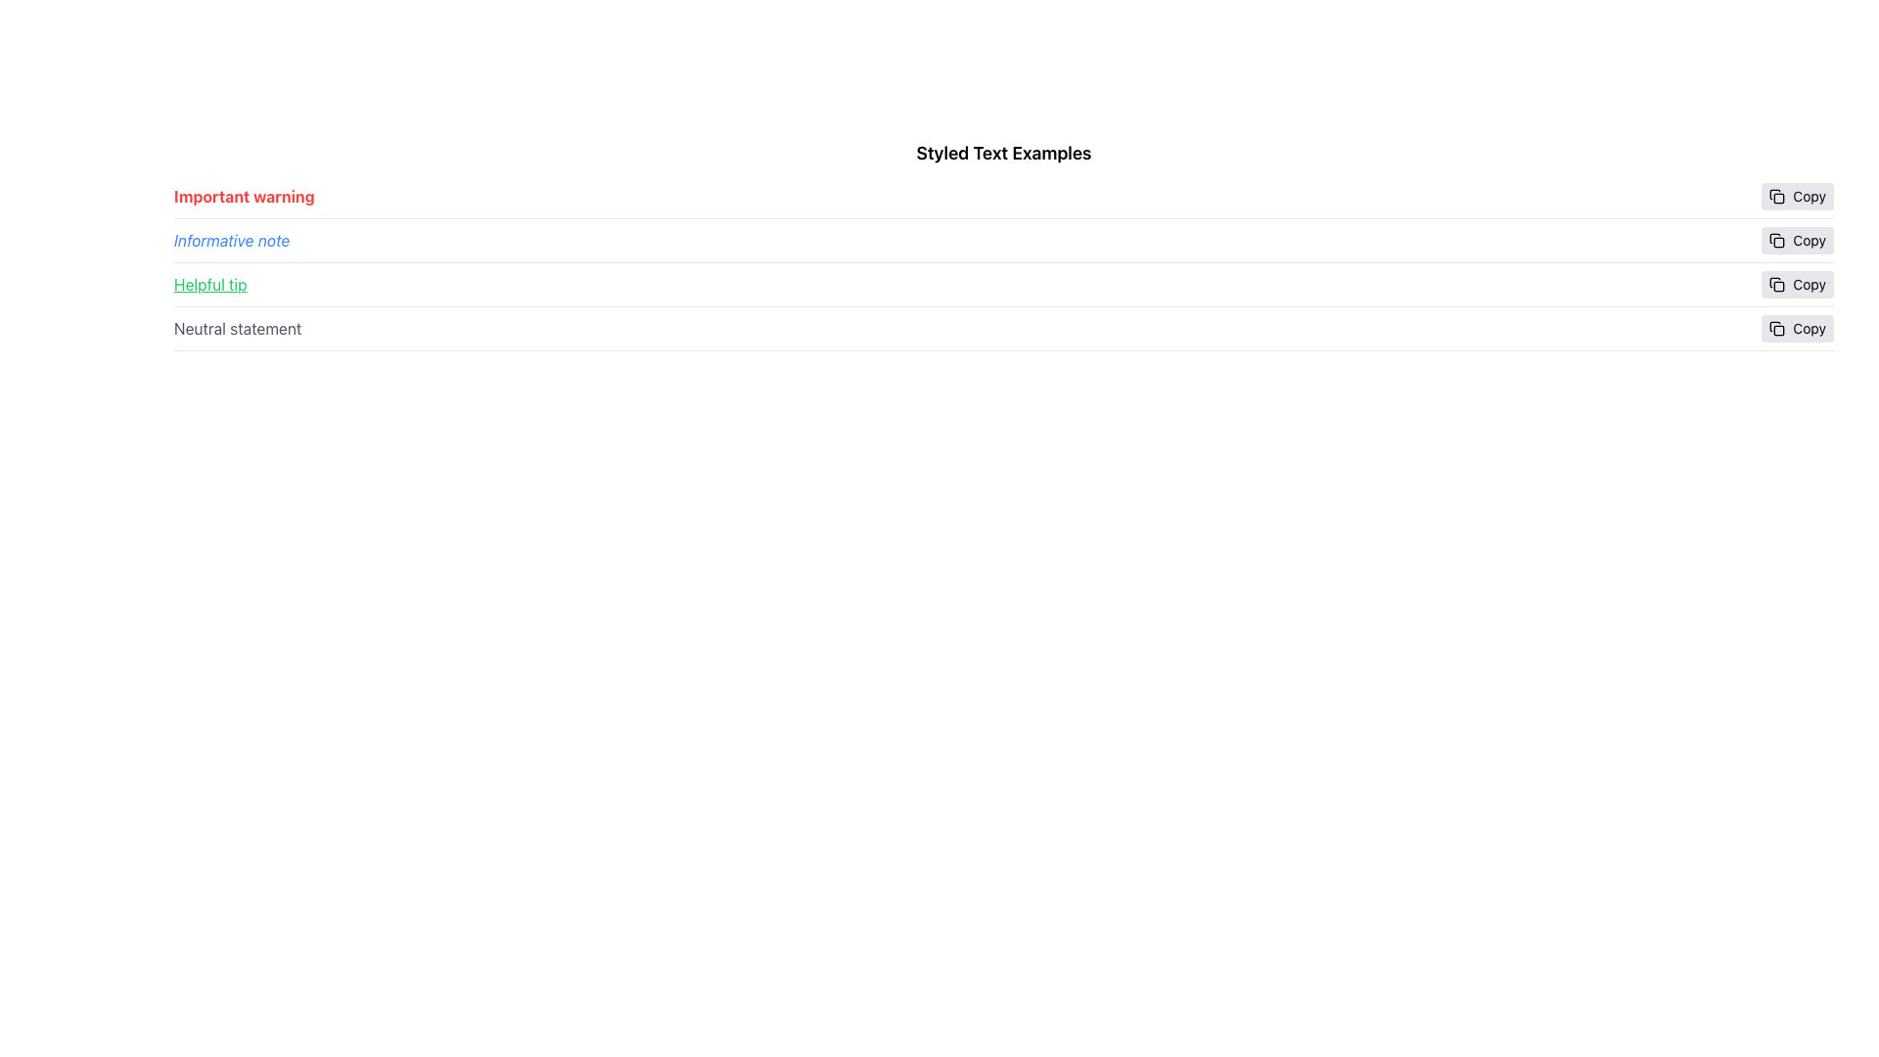 This screenshot has width=1879, height=1057. What do you see at coordinates (1808, 327) in the screenshot?
I see `the 'Copy' text label, which is the rightmost element in its row and has a gray background` at bounding box center [1808, 327].